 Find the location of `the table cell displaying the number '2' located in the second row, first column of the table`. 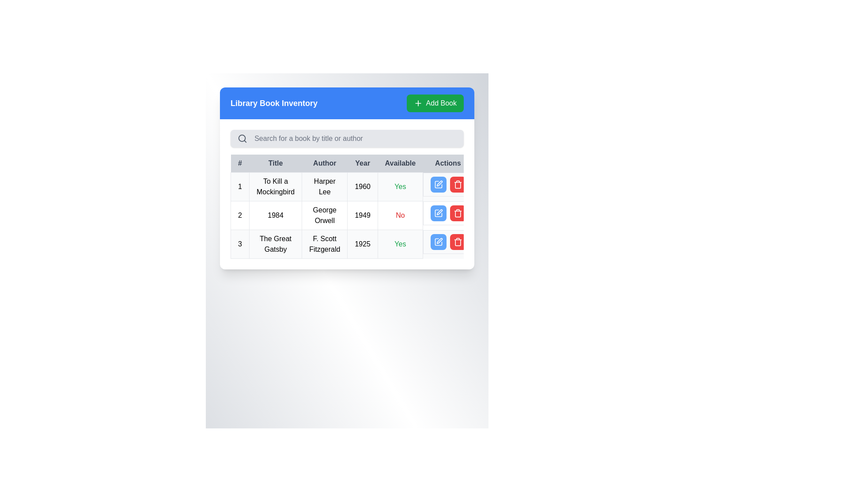

the table cell displaying the number '2' located in the second row, first column of the table is located at coordinates (240, 216).